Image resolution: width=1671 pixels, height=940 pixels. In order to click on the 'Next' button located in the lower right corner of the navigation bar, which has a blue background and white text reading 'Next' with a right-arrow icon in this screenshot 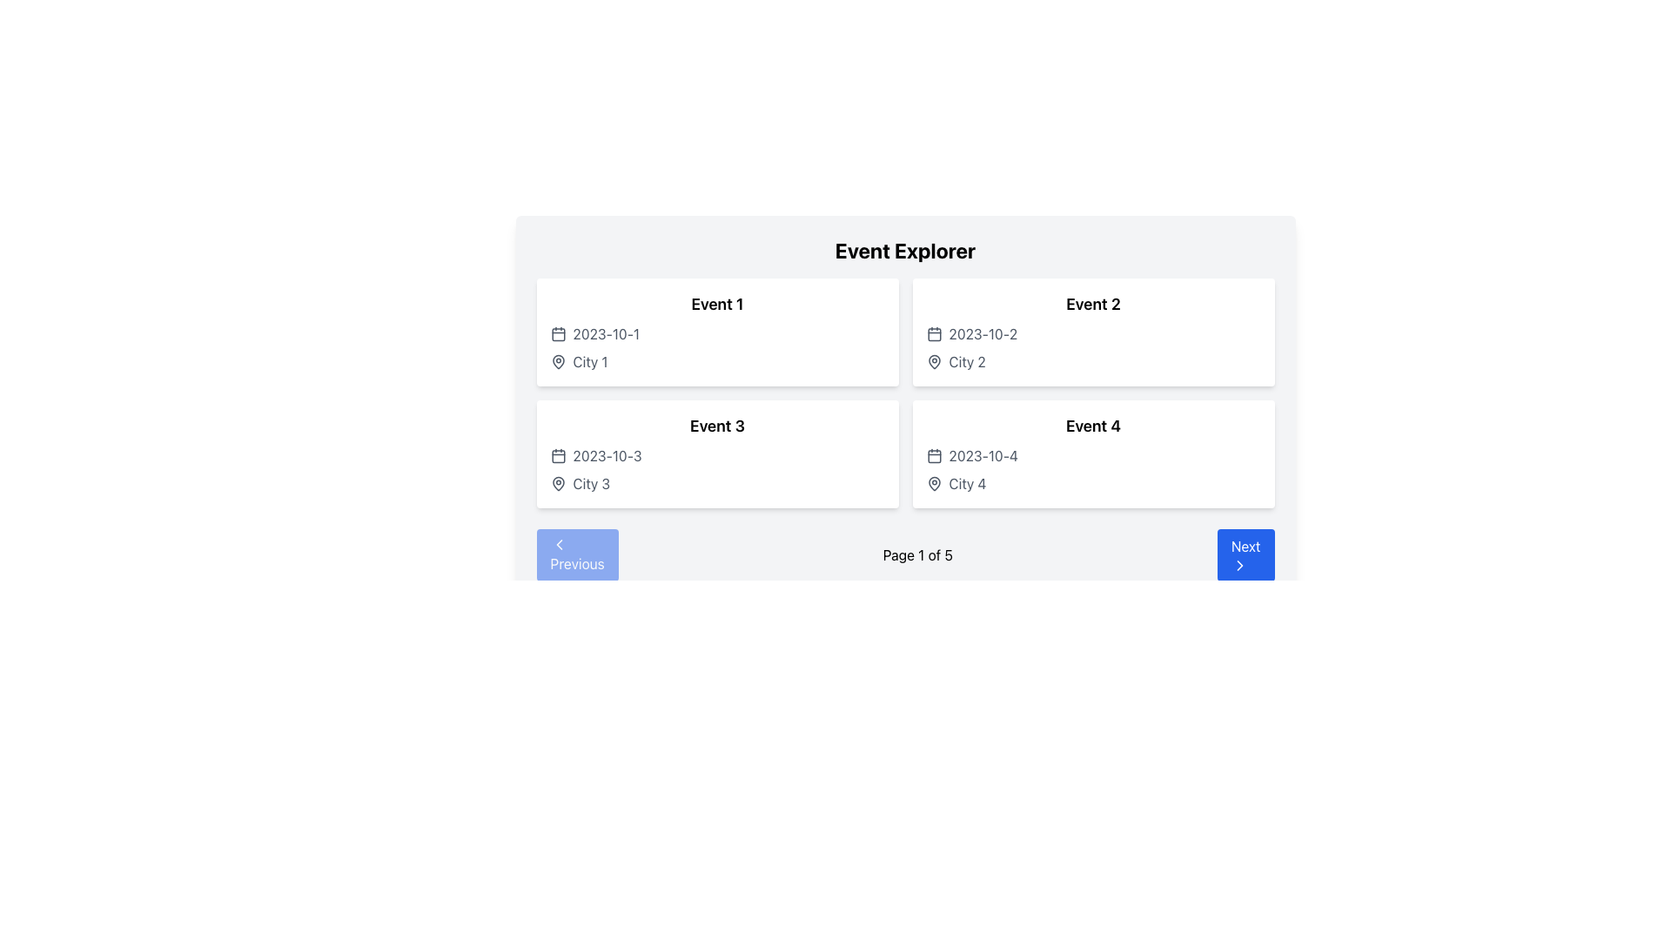, I will do `click(1245, 554)`.